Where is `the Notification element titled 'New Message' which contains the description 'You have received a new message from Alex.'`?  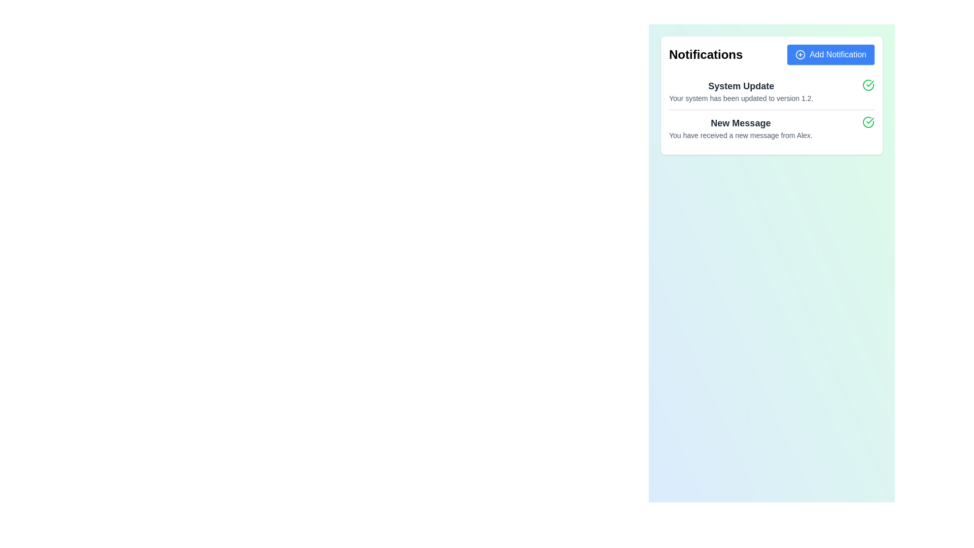 the Notification element titled 'New Message' which contains the description 'You have received a new message from Alex.' is located at coordinates (771, 127).